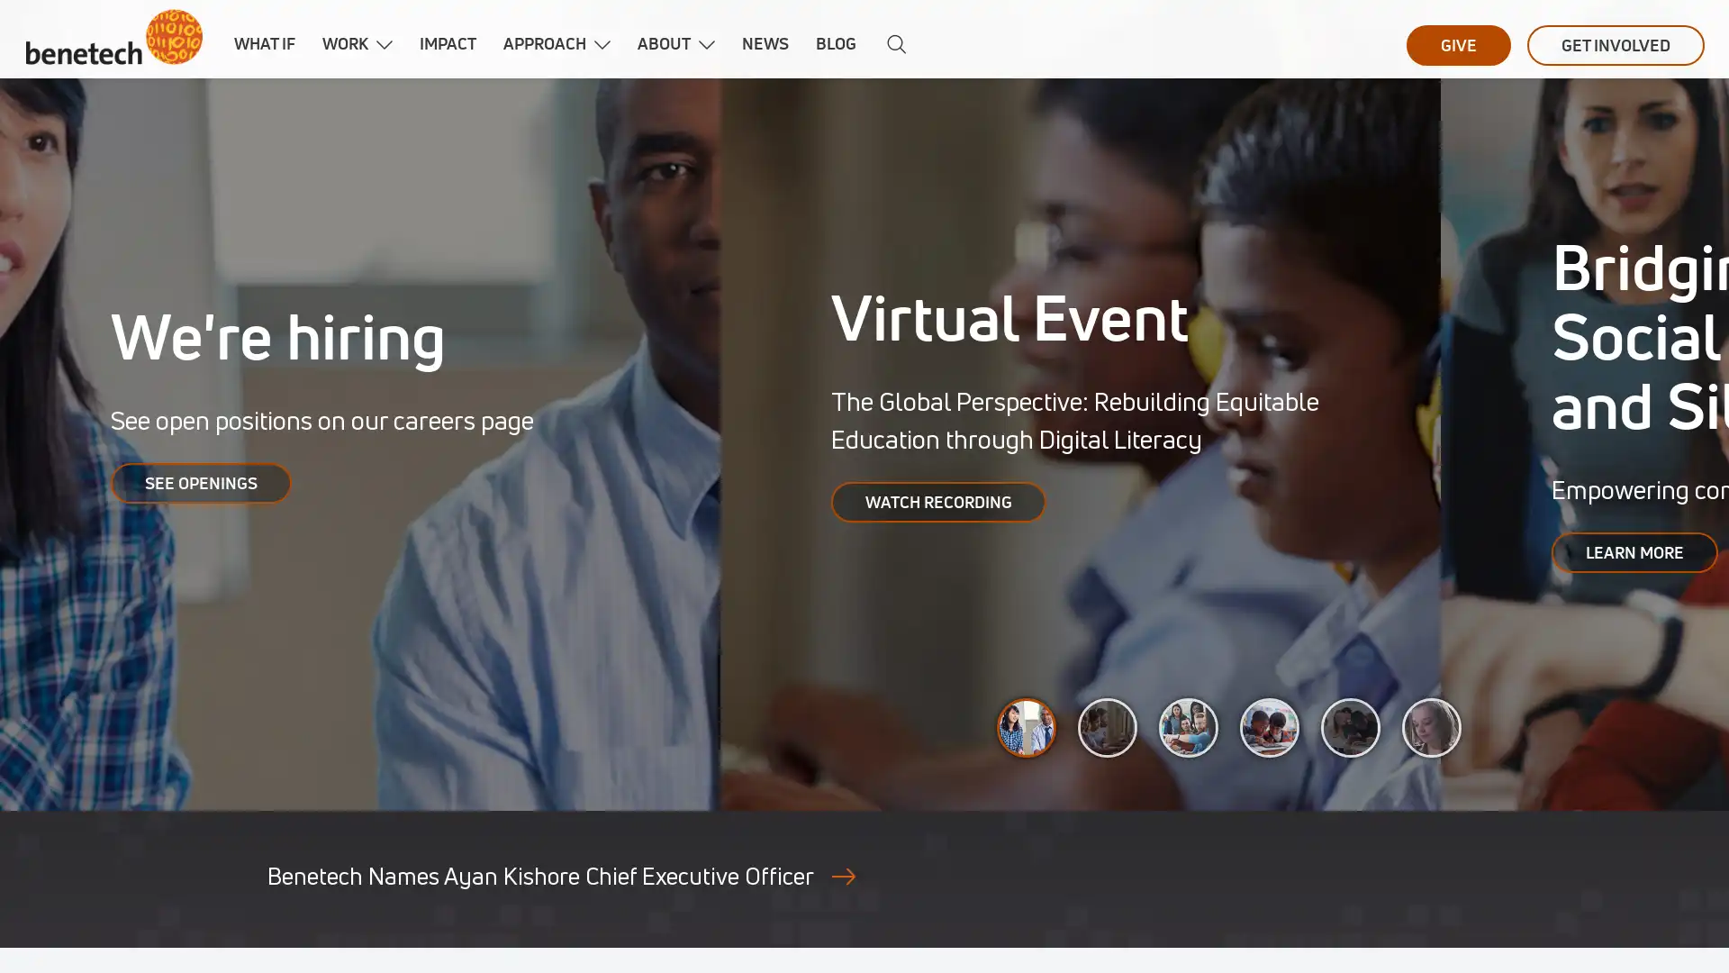 The width and height of the screenshot is (1729, 973). I want to click on Bridging the Social Sector and Silicon Valley, so click(1189, 726).